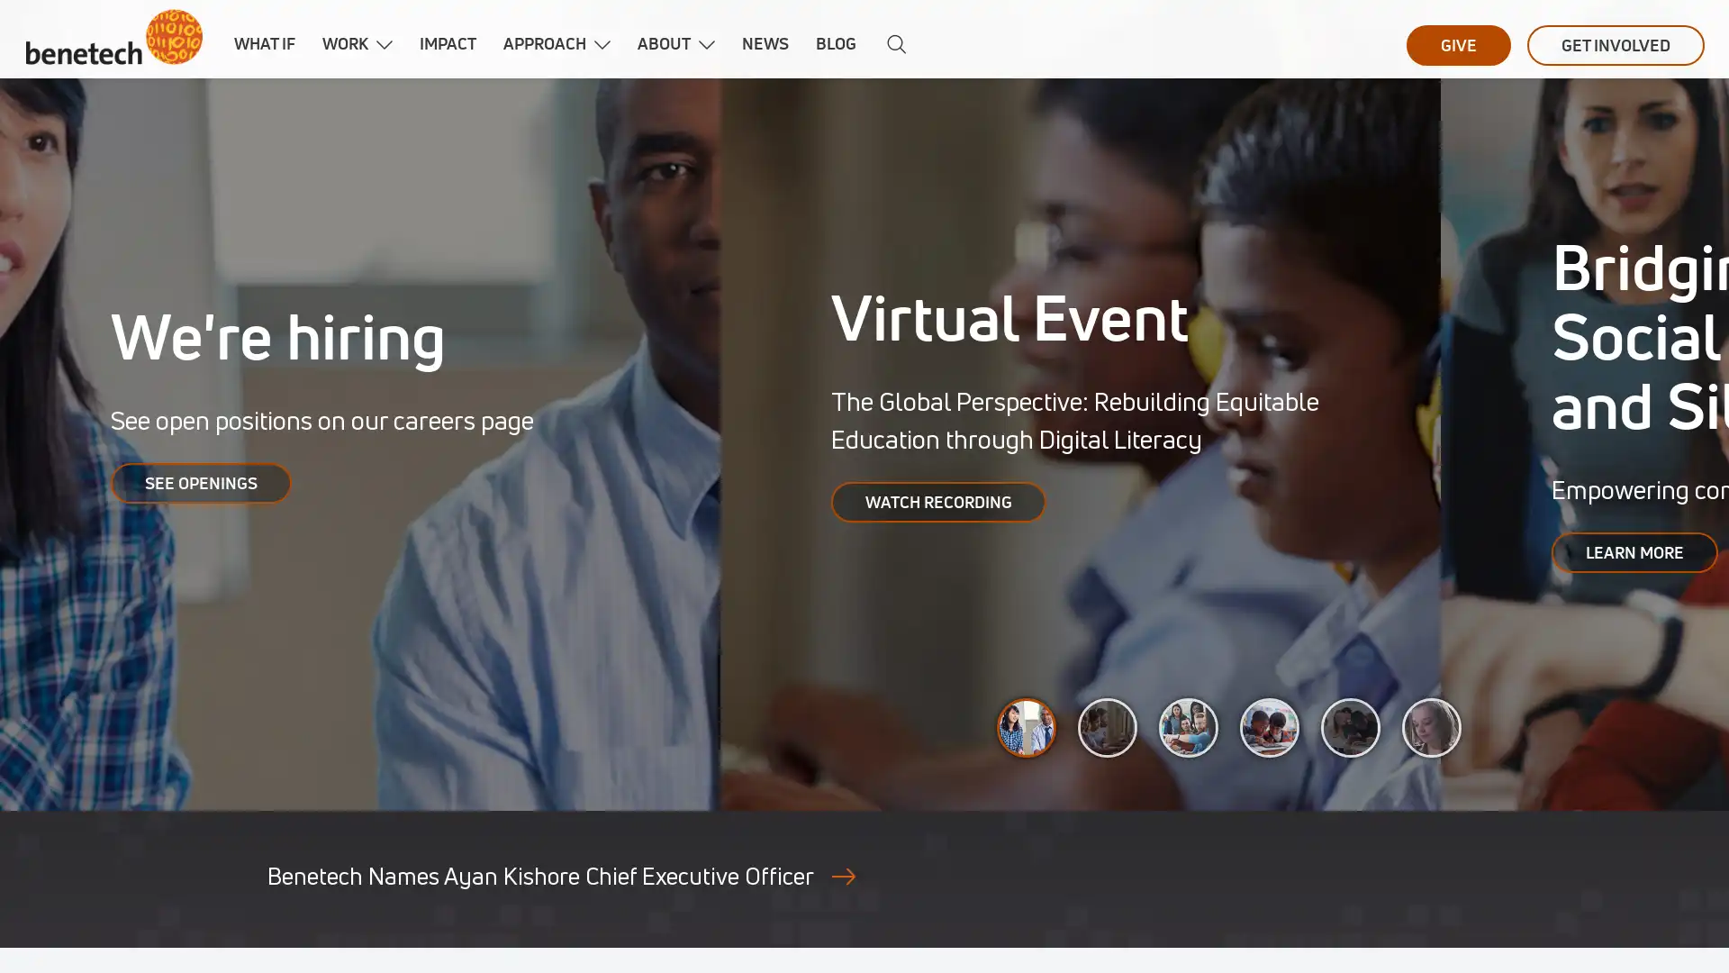 The width and height of the screenshot is (1729, 973). I want to click on Bridging the Social Sector and Silicon Valley, so click(1189, 726).